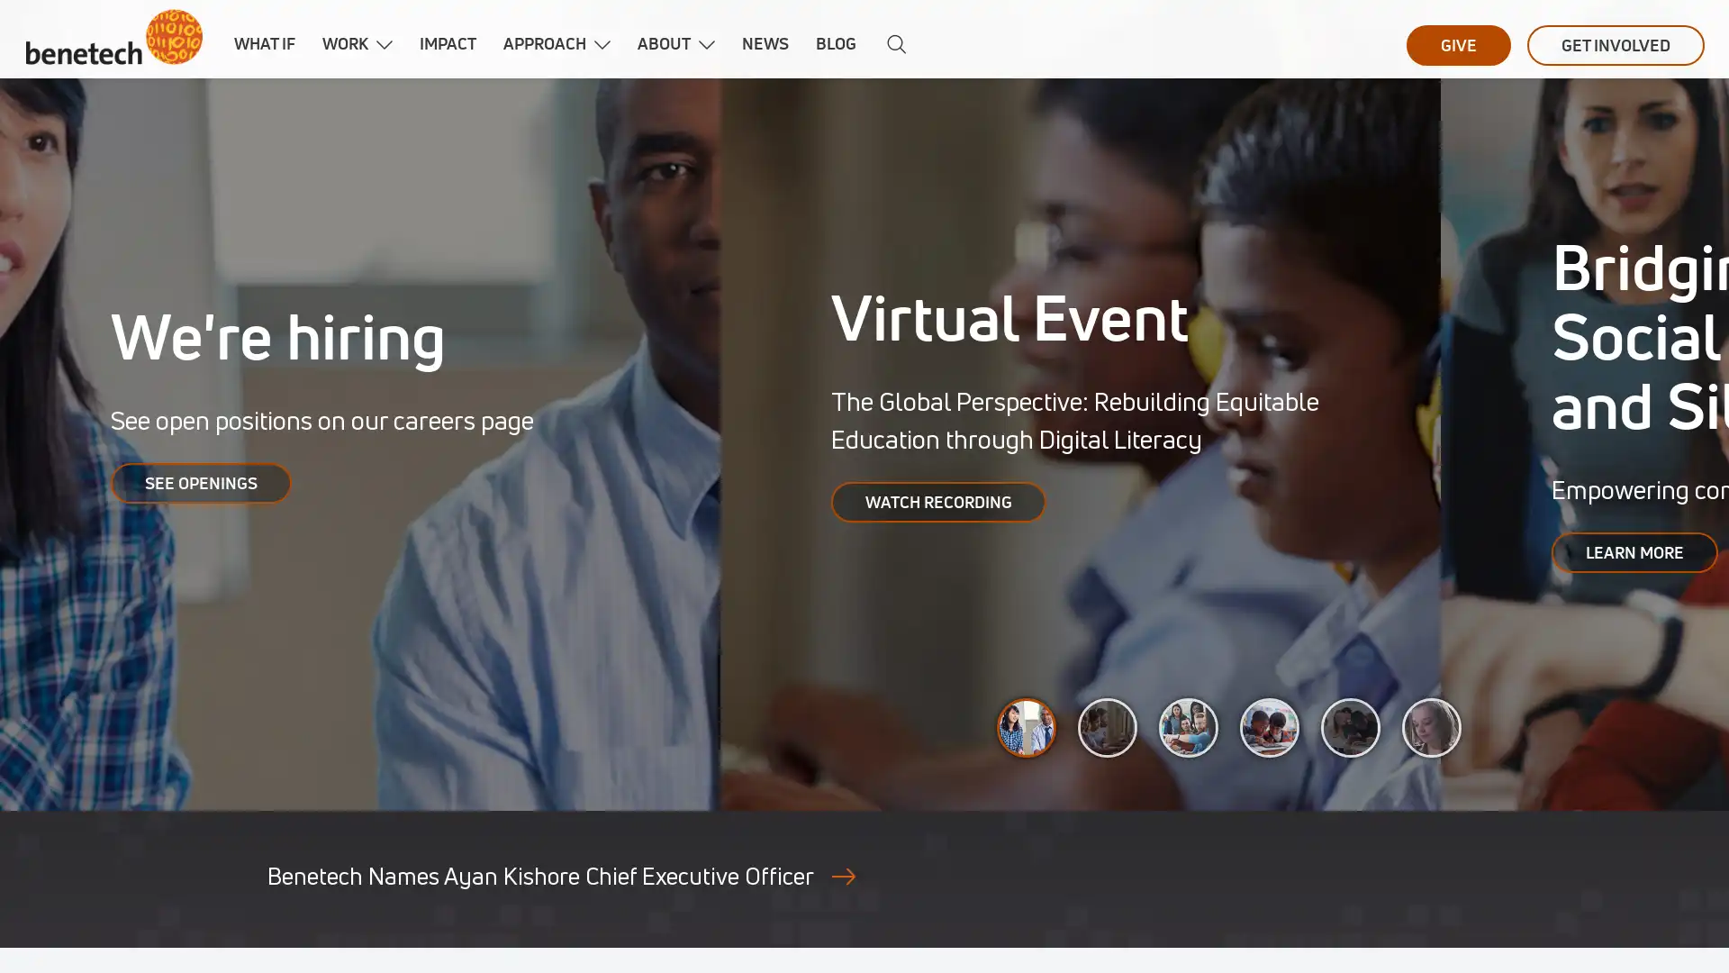 The width and height of the screenshot is (1729, 973). I want to click on Bridging the Social Sector and Silicon Valley, so click(1189, 726).